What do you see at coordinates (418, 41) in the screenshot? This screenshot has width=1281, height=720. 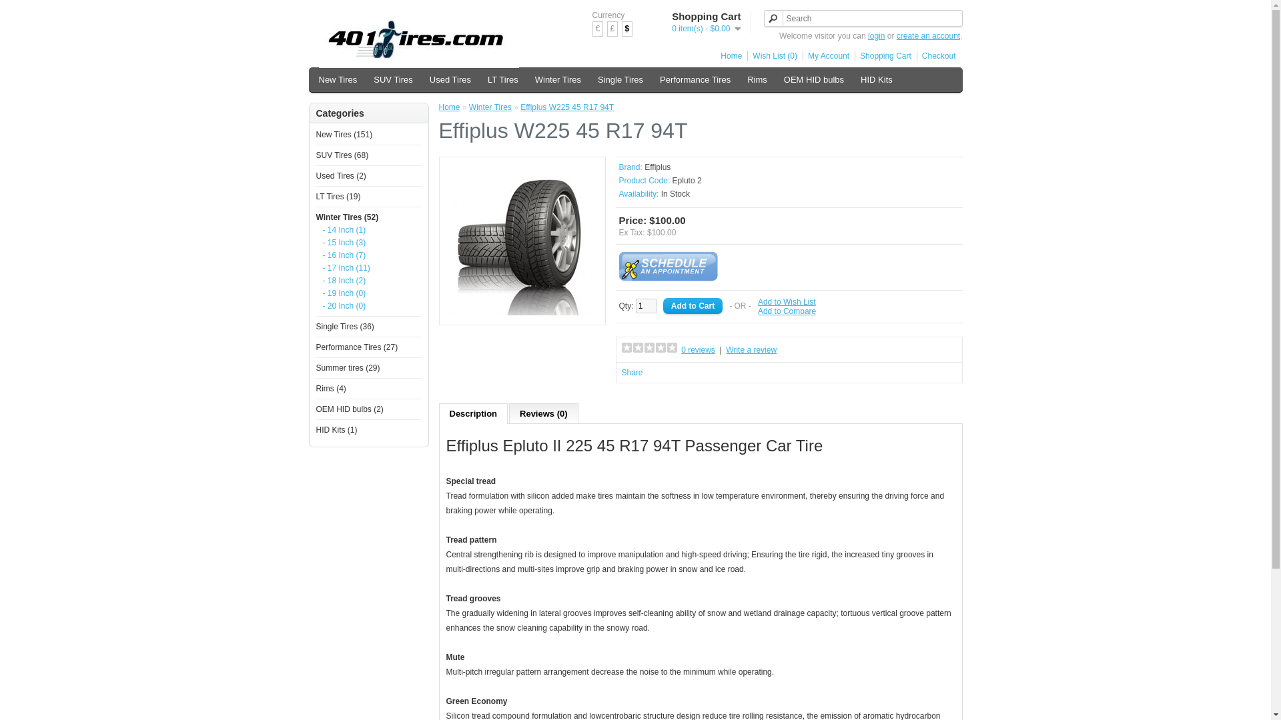 I see `'Best DEALS on New and Used Tires in Greater Toronto Area'` at bounding box center [418, 41].